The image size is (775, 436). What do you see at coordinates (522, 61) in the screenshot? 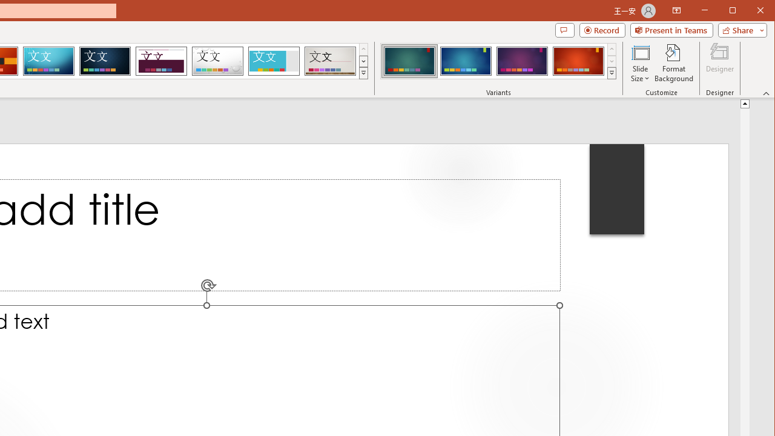
I see `'Ion Variant 3'` at bounding box center [522, 61].